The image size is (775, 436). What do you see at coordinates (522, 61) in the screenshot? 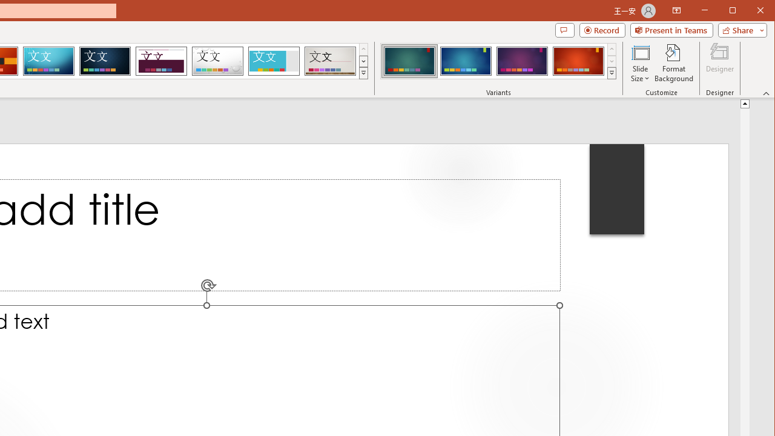
I see `'Ion Variant 3'` at bounding box center [522, 61].